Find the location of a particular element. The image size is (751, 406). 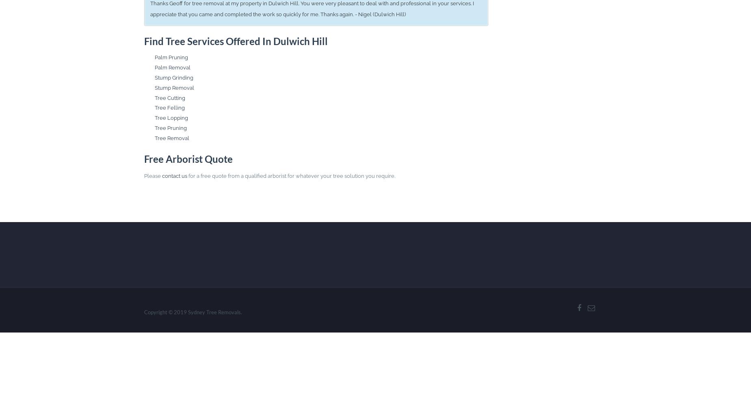

'contact us' is located at coordinates (161, 176).